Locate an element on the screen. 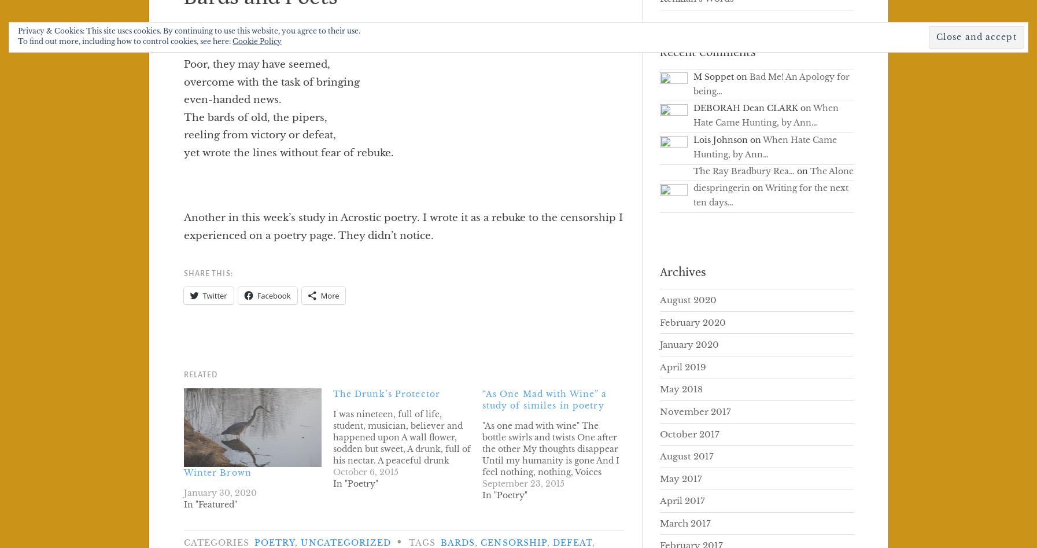  'Share this:' is located at coordinates (207, 274).